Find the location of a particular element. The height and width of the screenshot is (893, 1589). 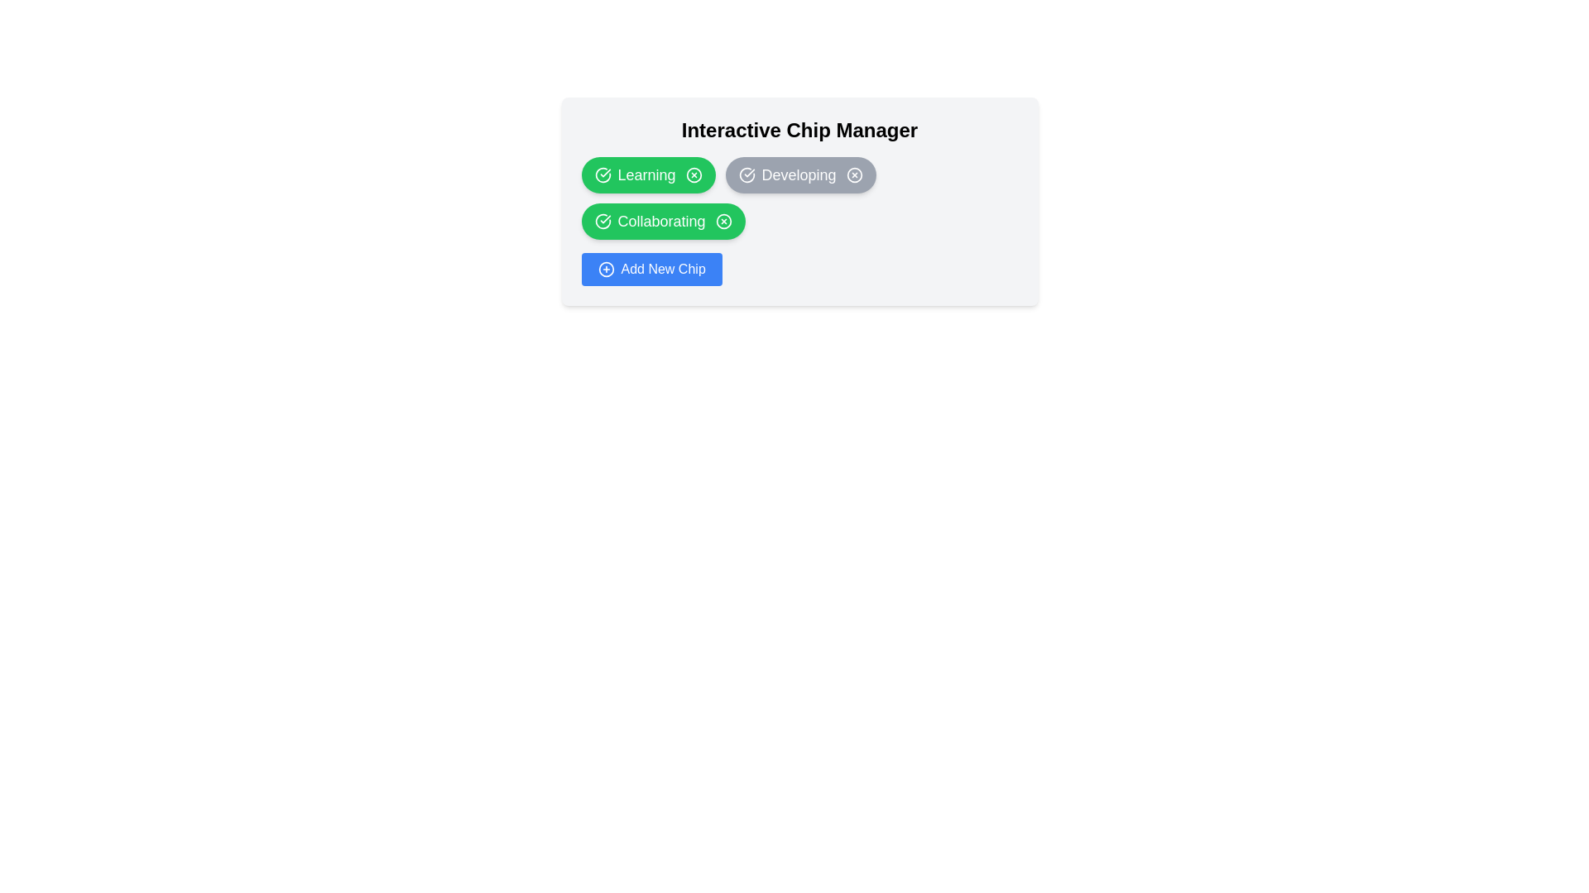

text displayed in the medium-sized label that says 'Developing', which is part of the 'Interactive Chip Manager' interface, located on the right side of the second row is located at coordinates (799, 175).